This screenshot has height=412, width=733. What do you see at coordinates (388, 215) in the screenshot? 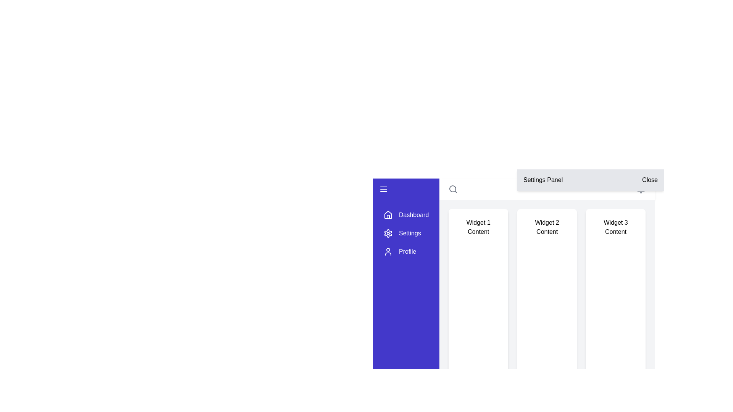
I see `the house icon located at the upper-left corner of the blue sidebar, which is to the left of the 'Dashboard' text` at bounding box center [388, 215].